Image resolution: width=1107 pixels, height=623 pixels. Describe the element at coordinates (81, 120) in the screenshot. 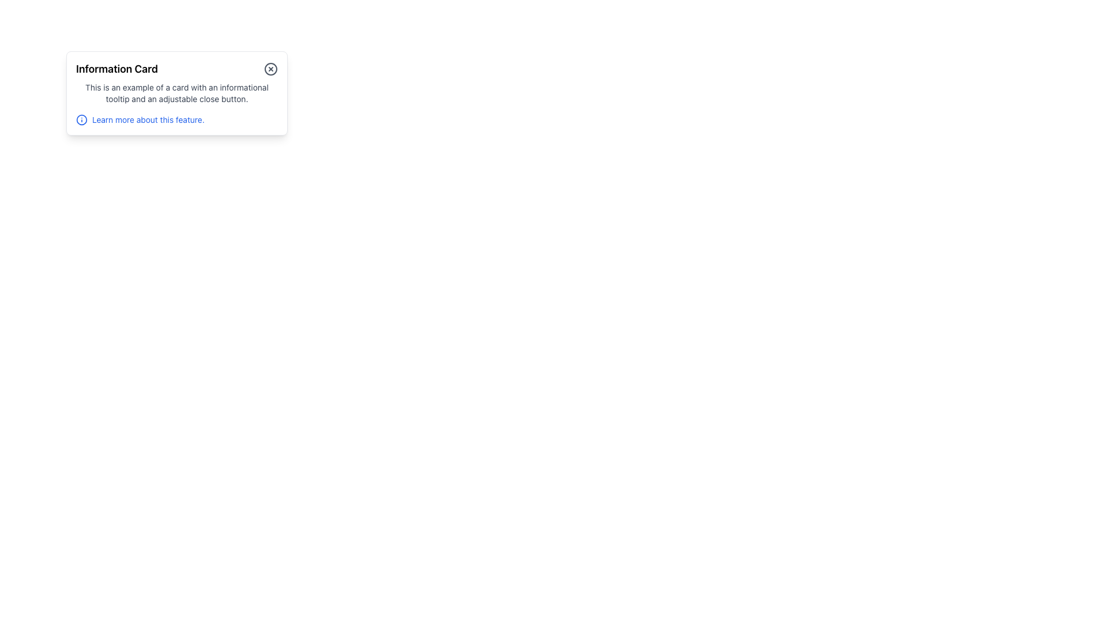

I see `the circular icon with a central 'i' symbol that has a blue outline and fill, located to the left of the text 'Learn more about this feature.'` at that location.